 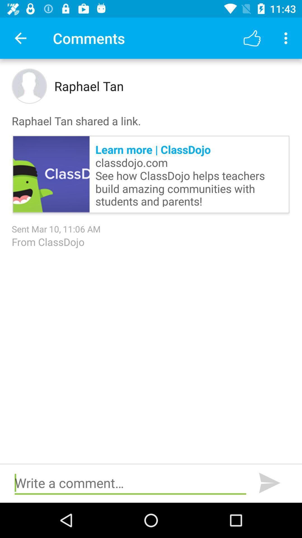 What do you see at coordinates (189, 174) in the screenshot?
I see `learn more classdojo item` at bounding box center [189, 174].